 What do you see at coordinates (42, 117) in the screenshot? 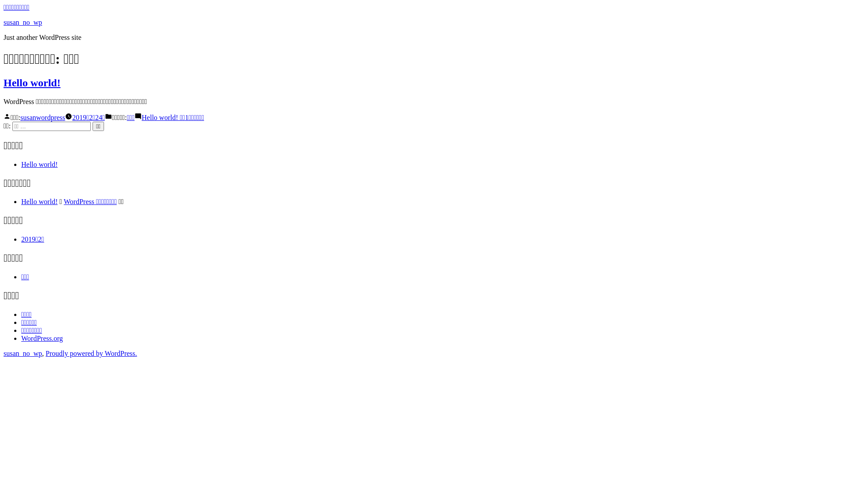
I see `'susanwordpress'` at bounding box center [42, 117].